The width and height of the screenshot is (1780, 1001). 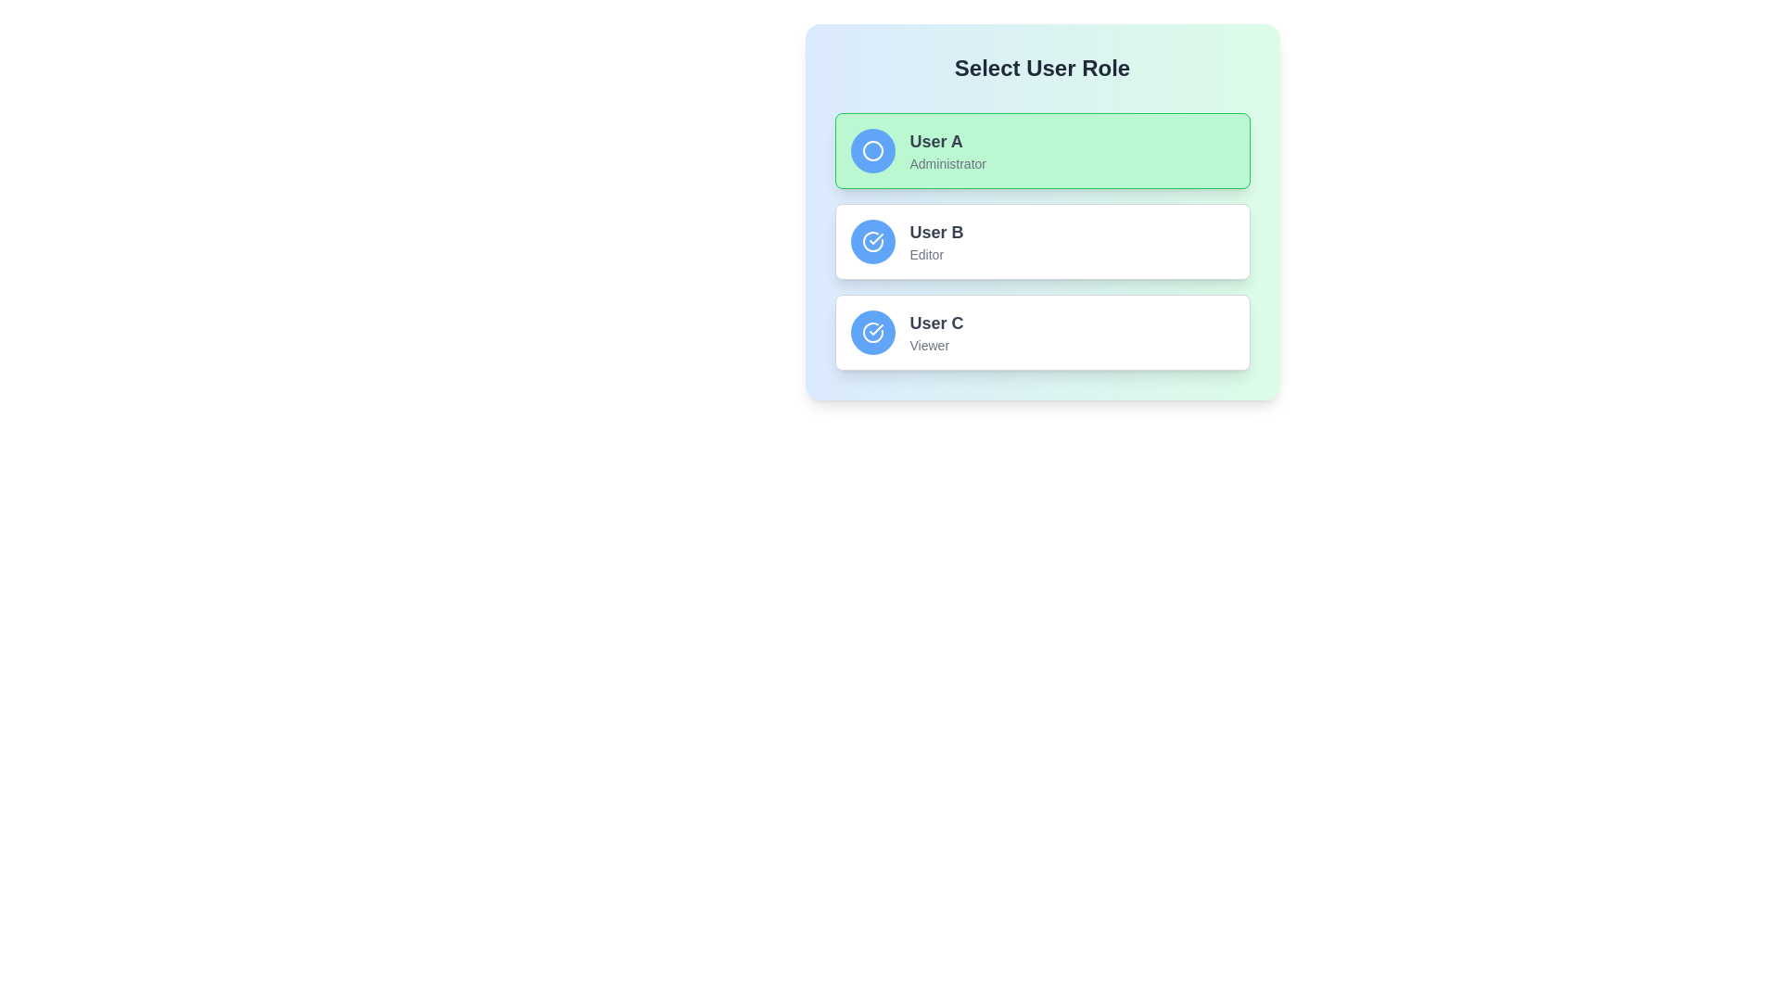 I want to click on the 'Viewer' role text label for user 'User C', located in the bottom-right section of the user card, which visually informs about the user's role, so click(x=936, y=346).